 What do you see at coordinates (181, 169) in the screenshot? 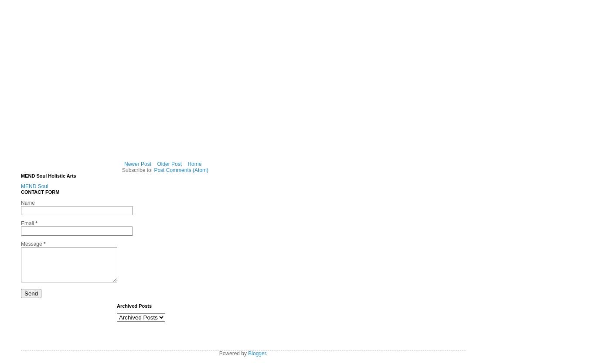
I see `'Post Comments (Atom)'` at bounding box center [181, 169].